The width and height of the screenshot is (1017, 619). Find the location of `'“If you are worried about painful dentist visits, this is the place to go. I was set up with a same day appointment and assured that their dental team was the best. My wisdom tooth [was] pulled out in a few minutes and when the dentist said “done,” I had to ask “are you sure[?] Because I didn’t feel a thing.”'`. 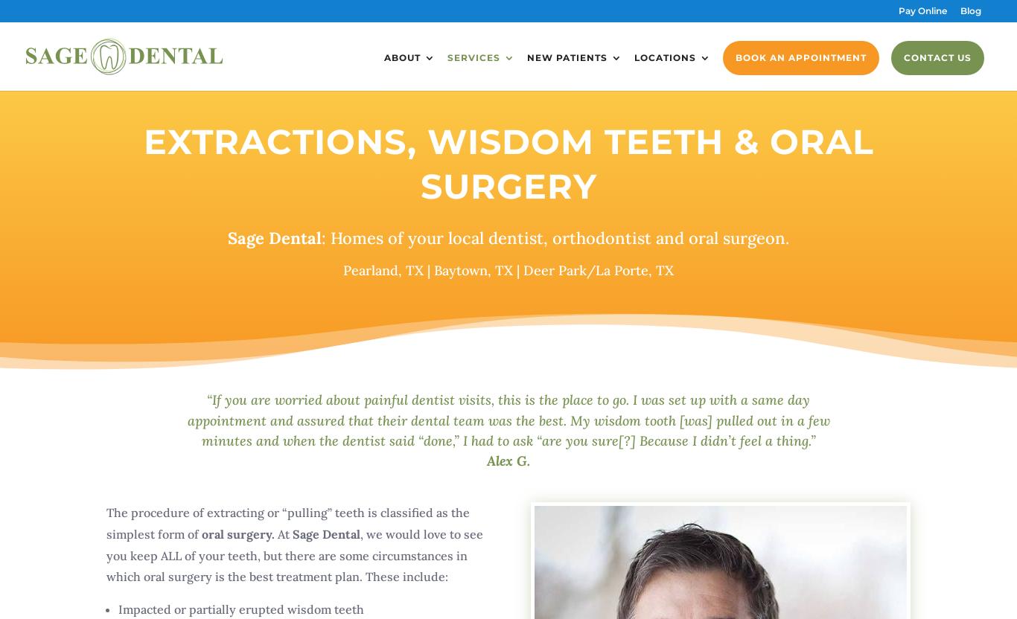

'“If you are worried about painful dentist visits, this is the place to go. I was set up with a same day appointment and assured that their dental team was the best. My wisdom tooth [was] pulled out in a few minutes and when the dentist said “done,” I had to ask “are you sure[?] Because I didn’t feel a thing.”' is located at coordinates (507, 420).